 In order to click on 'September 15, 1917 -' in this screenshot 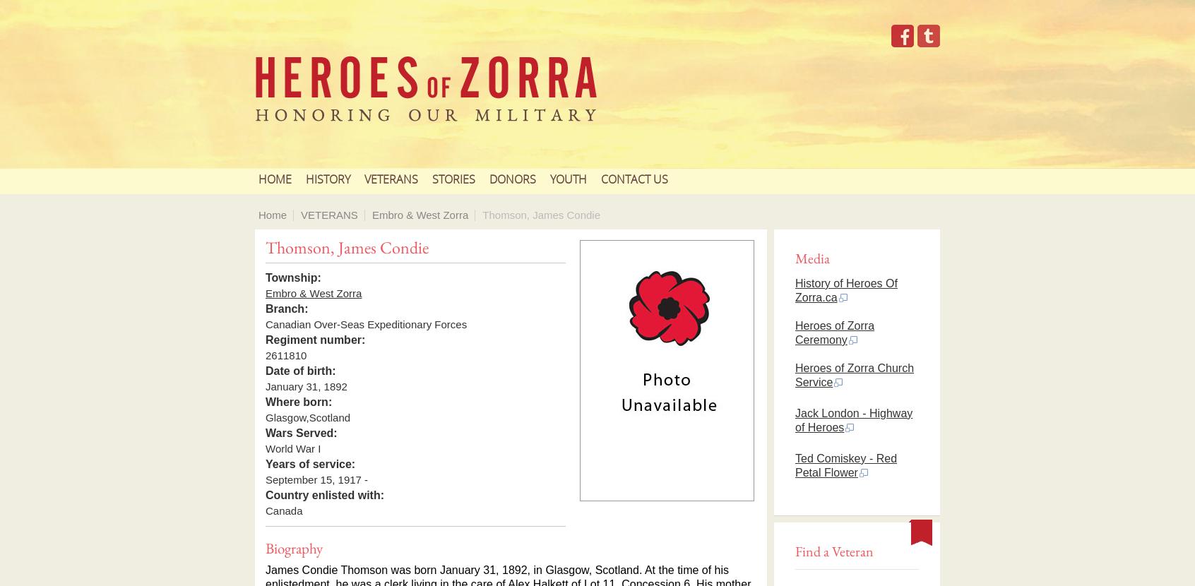, I will do `click(316, 479)`.